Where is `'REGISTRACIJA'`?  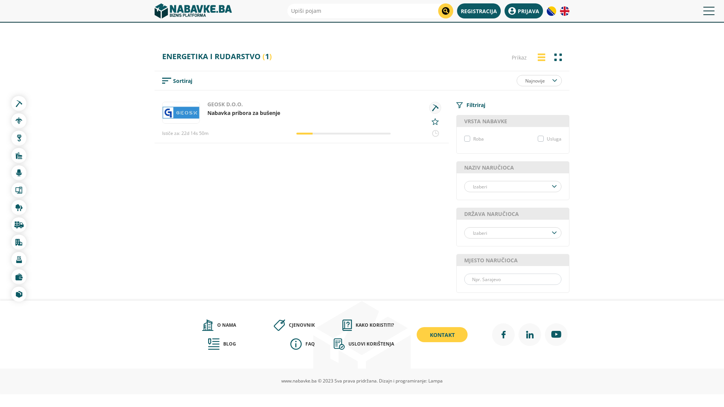
'REGISTRACIJA' is located at coordinates (479, 11).